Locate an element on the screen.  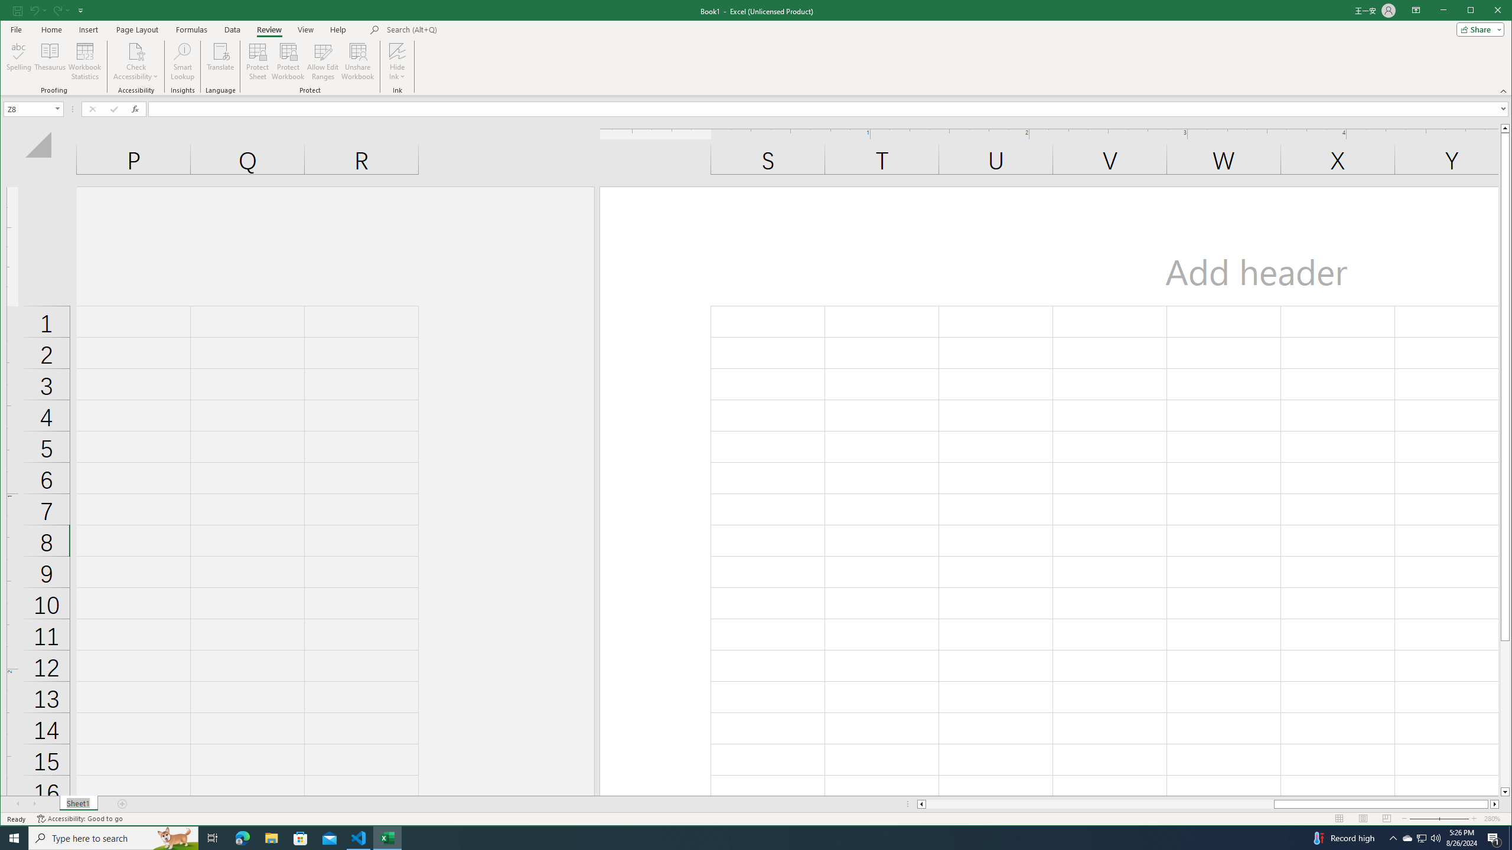
'Thesaurus...' is located at coordinates (50, 61).